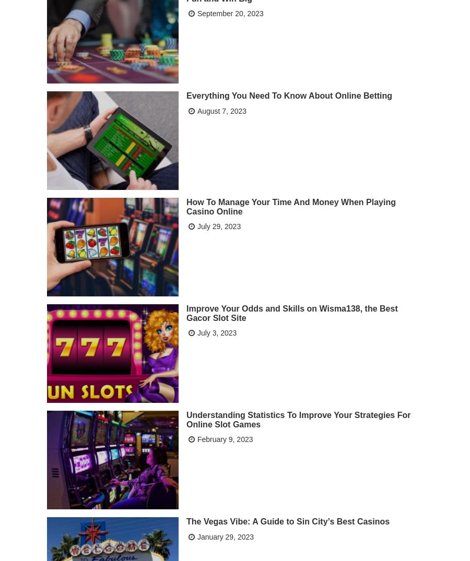 This screenshot has height=561, width=470. Describe the element at coordinates (298, 418) in the screenshot. I see `'Understanding Statistics To Improve Your Strategies For Online Slot Games'` at that location.